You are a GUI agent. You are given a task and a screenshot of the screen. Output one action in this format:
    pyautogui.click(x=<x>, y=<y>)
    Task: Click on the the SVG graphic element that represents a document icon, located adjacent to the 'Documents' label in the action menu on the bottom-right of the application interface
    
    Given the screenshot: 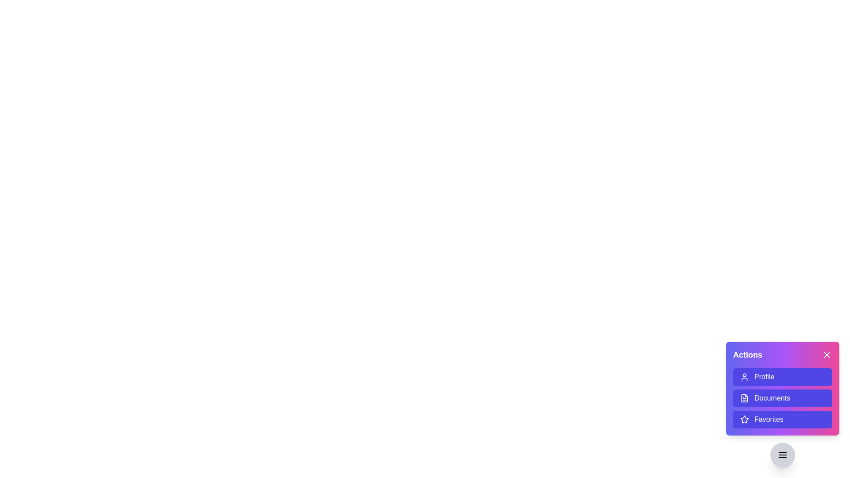 What is the action you would take?
    pyautogui.click(x=744, y=397)
    